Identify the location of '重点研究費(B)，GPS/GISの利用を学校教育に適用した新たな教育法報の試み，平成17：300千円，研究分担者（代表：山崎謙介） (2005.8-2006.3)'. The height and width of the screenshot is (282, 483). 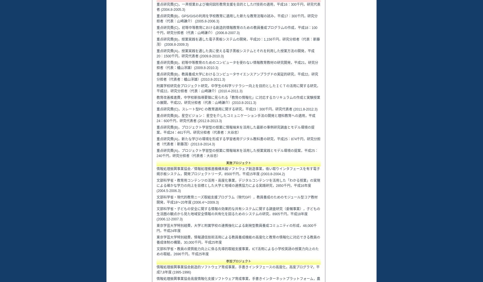
(237, 19).